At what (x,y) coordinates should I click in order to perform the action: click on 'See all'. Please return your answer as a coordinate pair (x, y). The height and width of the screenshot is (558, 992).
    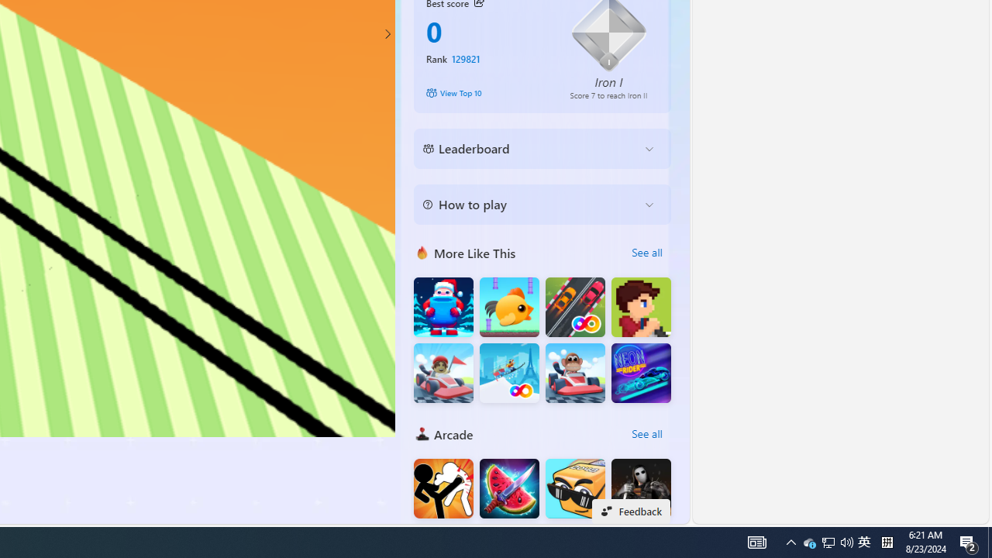
    Looking at the image, I should click on (647, 434).